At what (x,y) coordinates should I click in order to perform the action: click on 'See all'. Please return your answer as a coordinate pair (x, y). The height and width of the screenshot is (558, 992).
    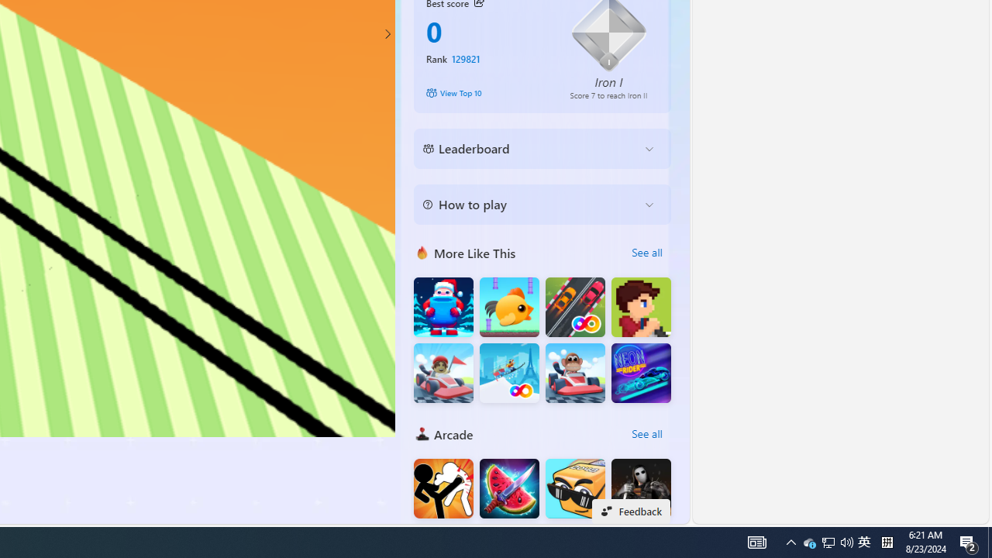
    Looking at the image, I should click on (647, 434).